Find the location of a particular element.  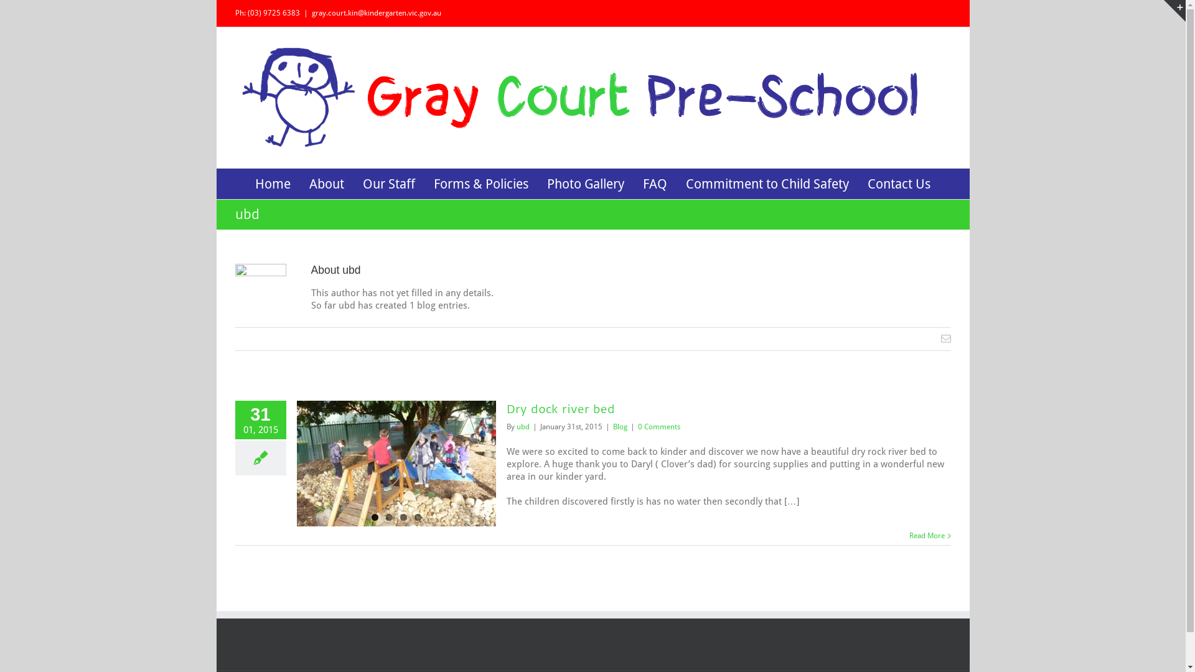

'Contact Us' is located at coordinates (899, 183).